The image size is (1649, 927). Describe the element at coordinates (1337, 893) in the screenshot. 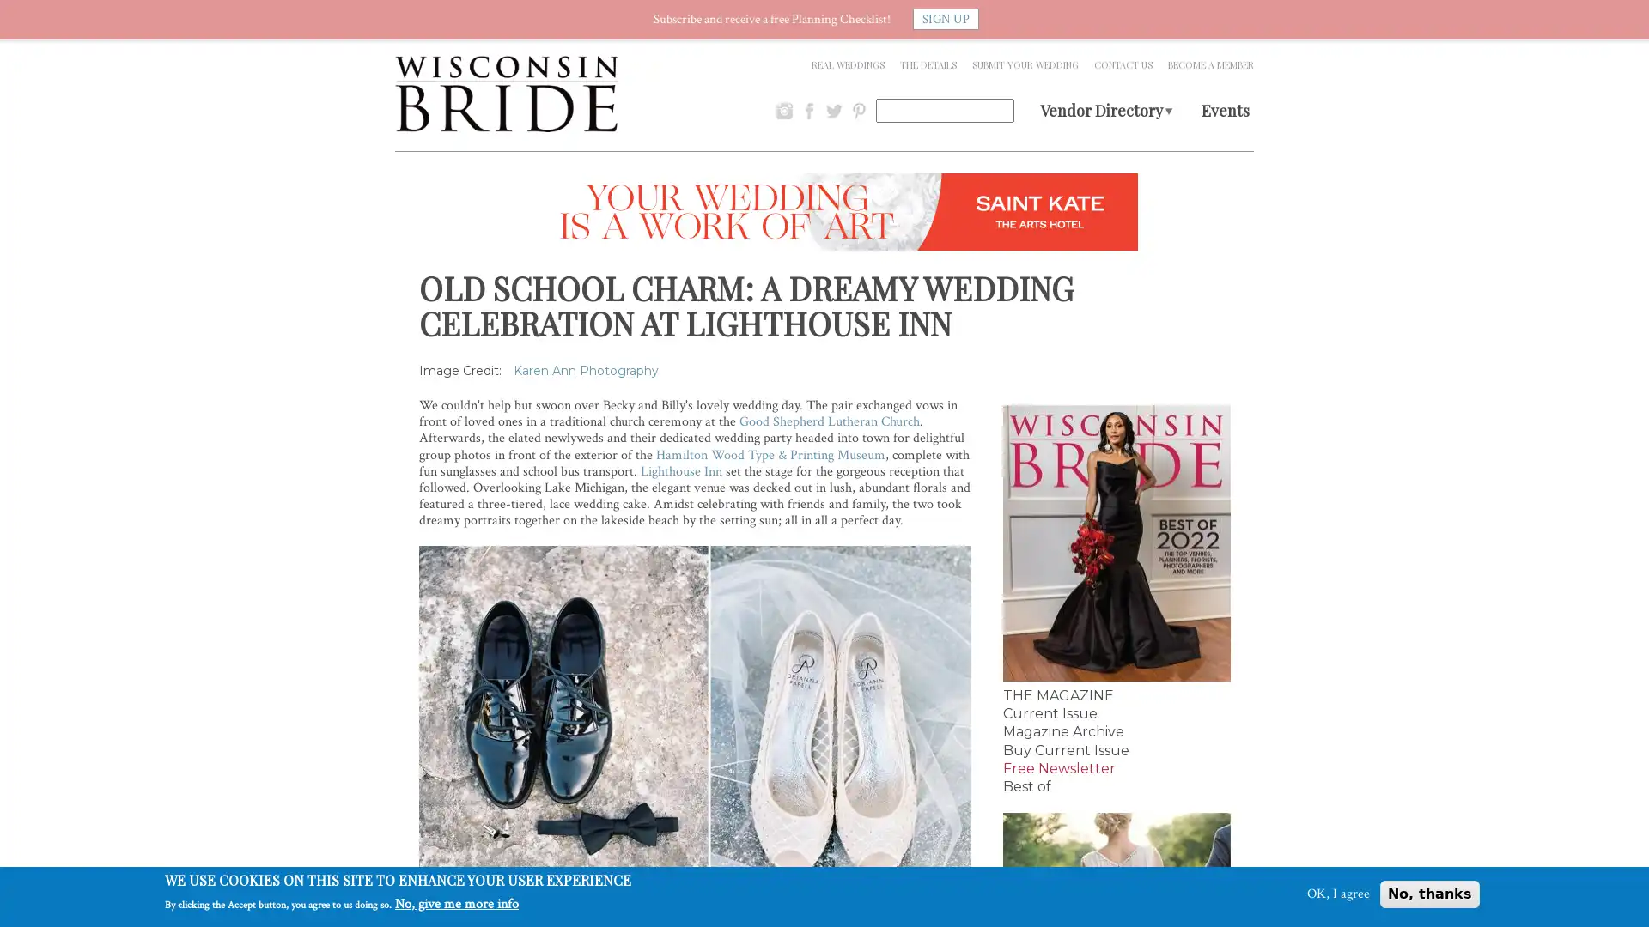

I see `OK, I agree` at that location.